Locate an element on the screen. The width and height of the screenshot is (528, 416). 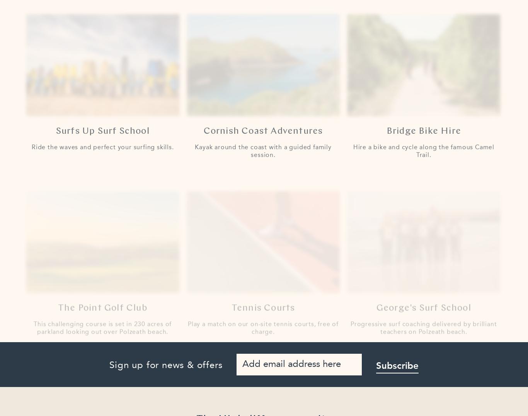
'This challenging course is set in 230 acres of parkland looking out over Polzeath beach.' is located at coordinates (102, 311).